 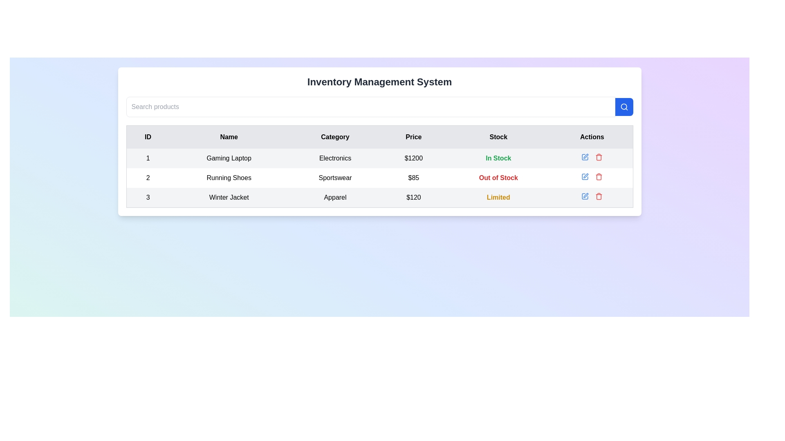 I want to click on the table cell containing the text 'Electronics' in the third column labeled 'Category' of the first row, corresponding to the 'Gaming Laptop' entry, so click(x=335, y=158).